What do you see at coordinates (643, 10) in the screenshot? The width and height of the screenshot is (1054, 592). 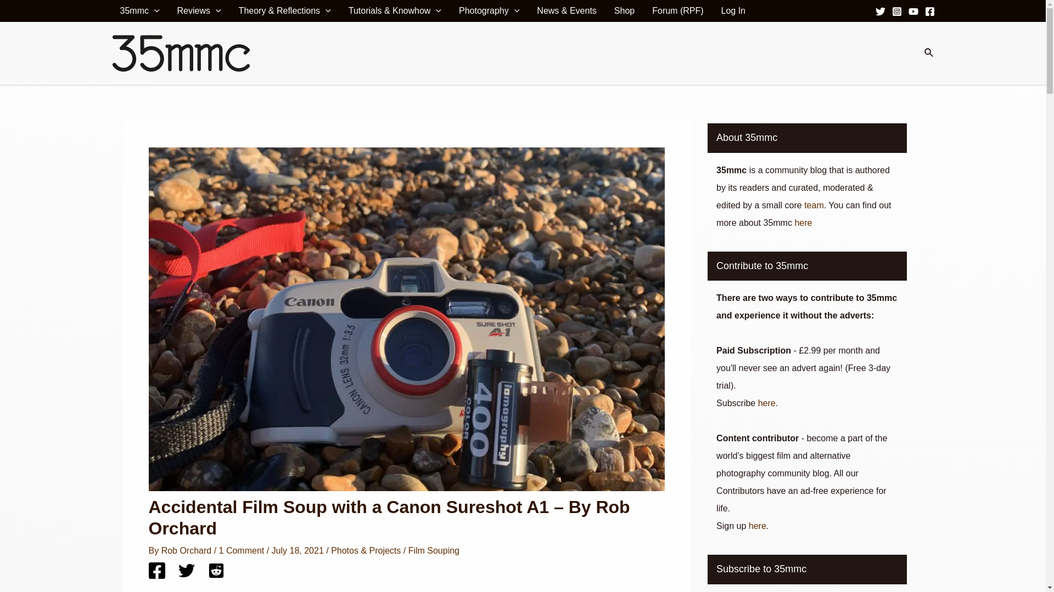 I see `'Forum (RPF)'` at bounding box center [643, 10].